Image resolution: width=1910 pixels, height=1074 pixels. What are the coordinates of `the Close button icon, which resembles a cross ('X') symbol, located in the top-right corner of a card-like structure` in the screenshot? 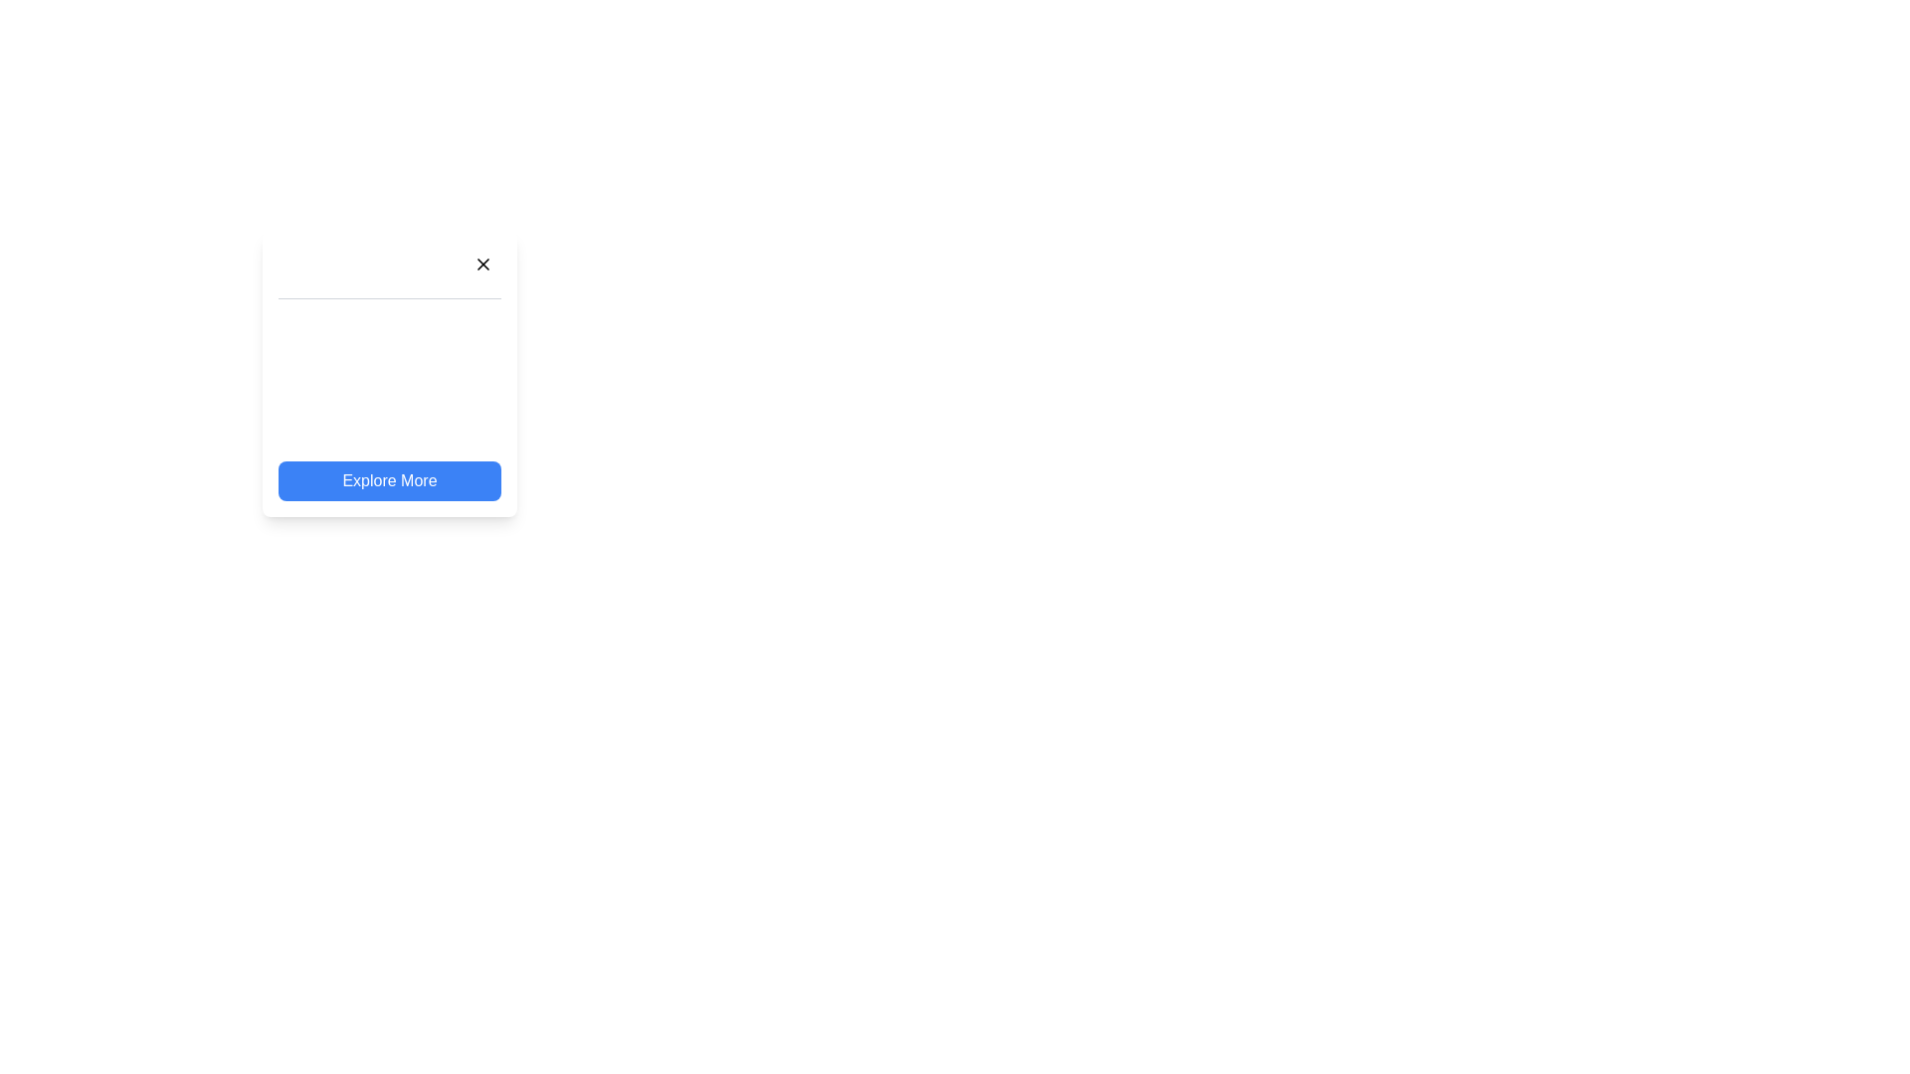 It's located at (482, 264).